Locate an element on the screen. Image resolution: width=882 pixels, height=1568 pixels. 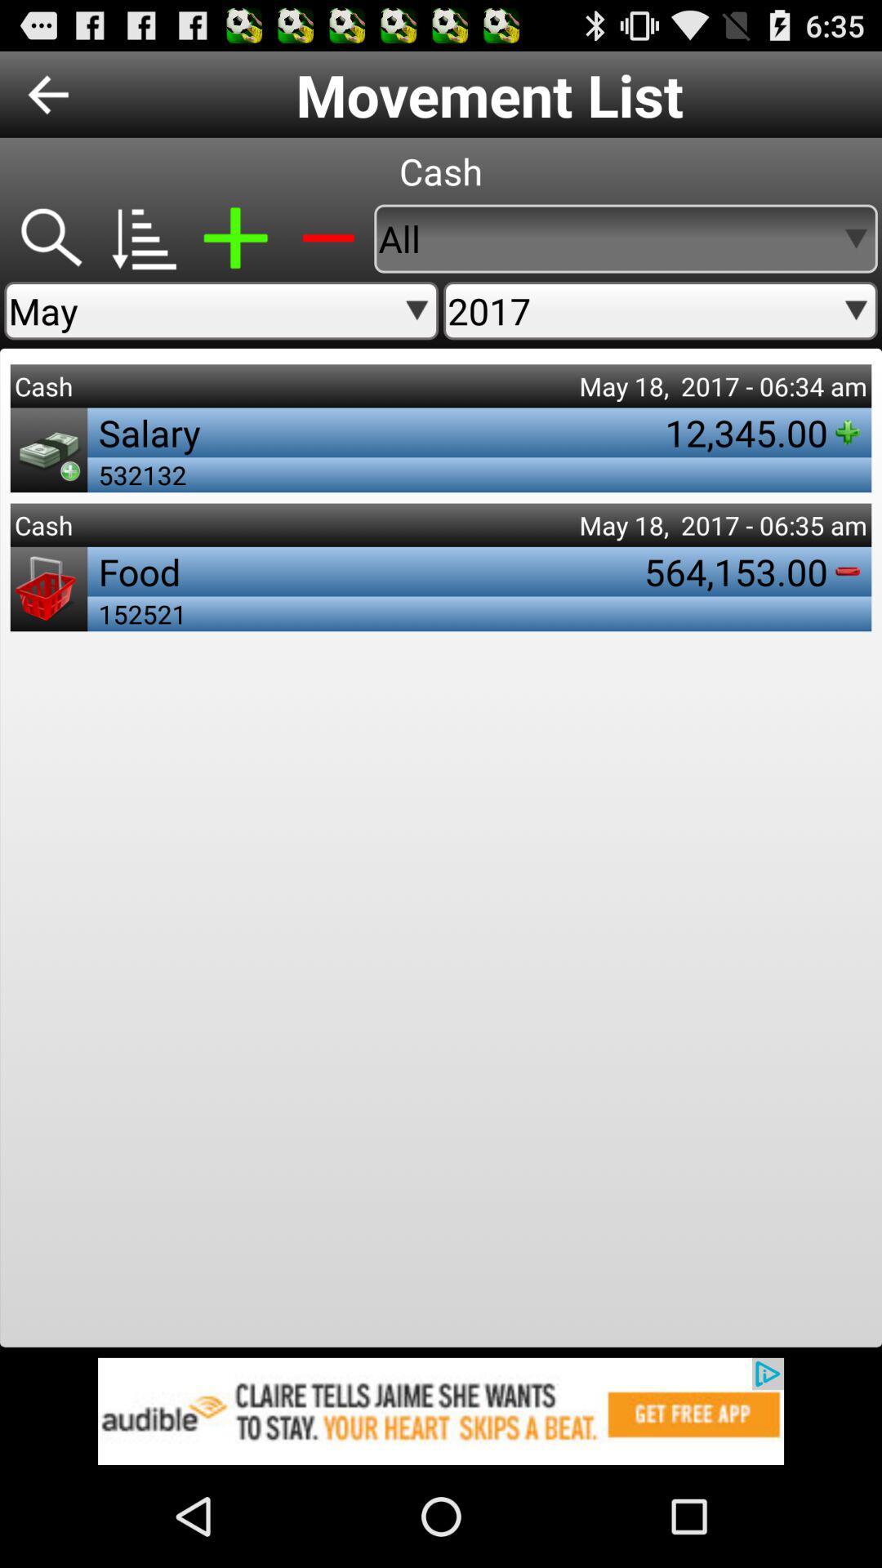
return to previous screen is located at coordinates (47, 93).